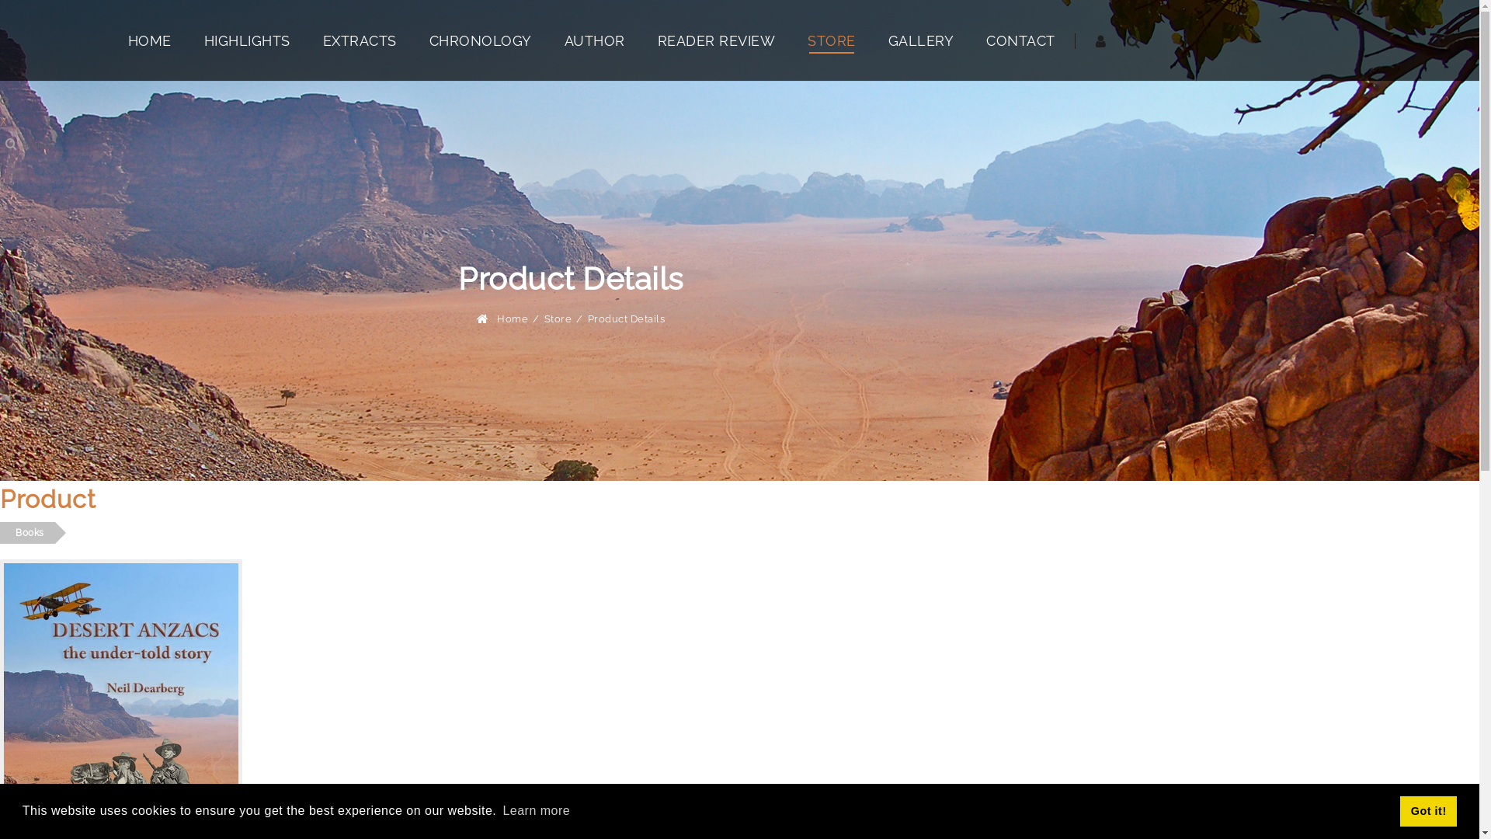  I want to click on 'EXTRACTS', so click(359, 39).